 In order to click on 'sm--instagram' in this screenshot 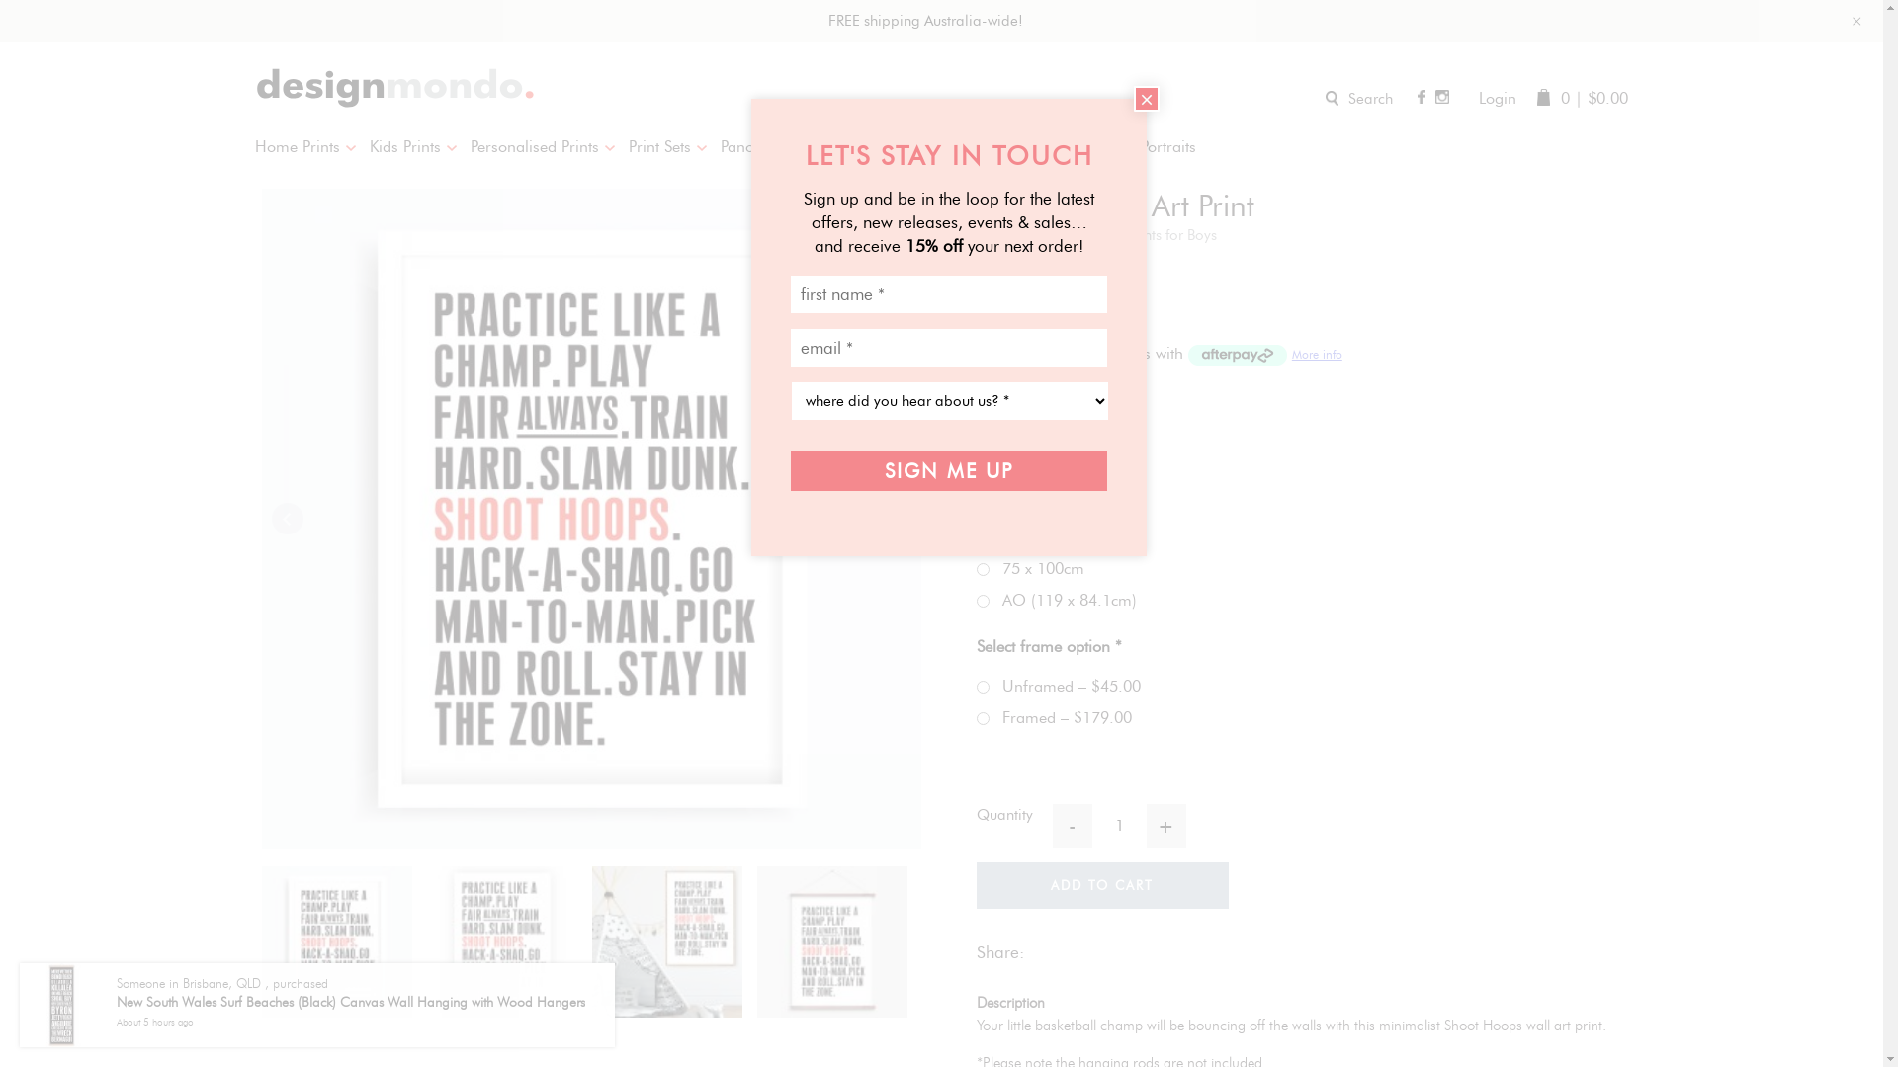, I will do `click(1442, 96)`.